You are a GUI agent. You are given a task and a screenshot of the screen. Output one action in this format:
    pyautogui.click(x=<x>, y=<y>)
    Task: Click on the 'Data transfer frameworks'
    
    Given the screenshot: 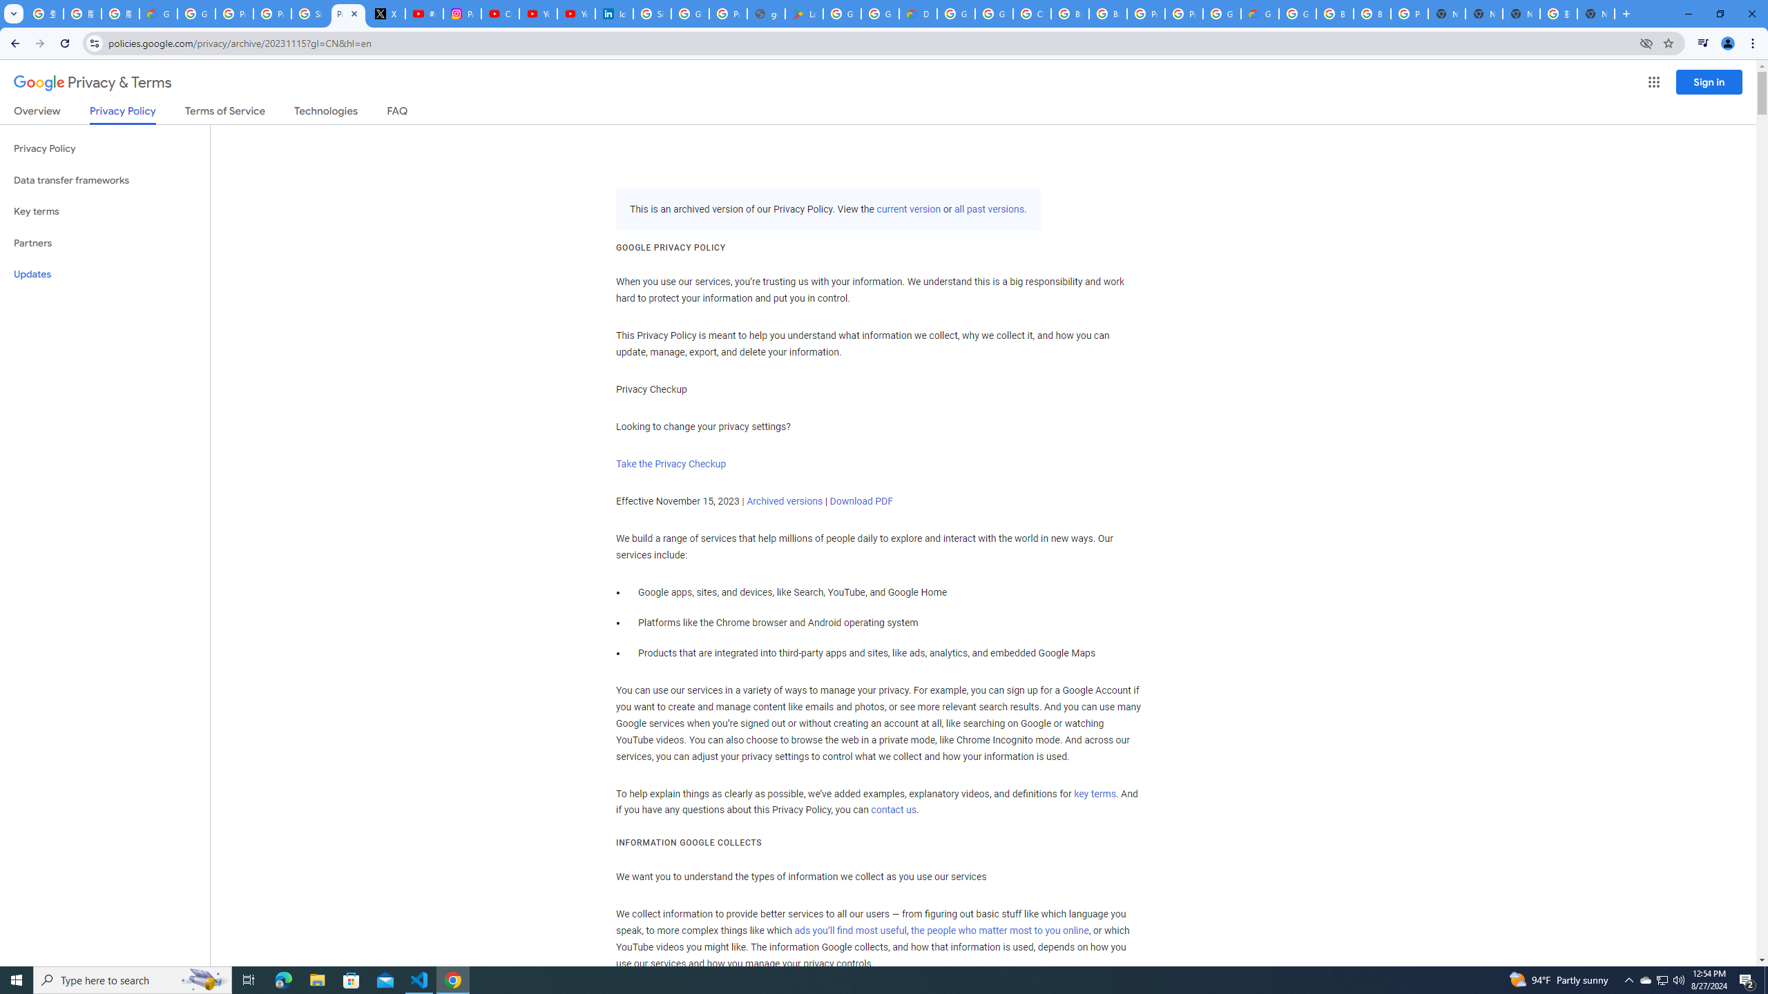 What is the action you would take?
    pyautogui.click(x=104, y=179)
    